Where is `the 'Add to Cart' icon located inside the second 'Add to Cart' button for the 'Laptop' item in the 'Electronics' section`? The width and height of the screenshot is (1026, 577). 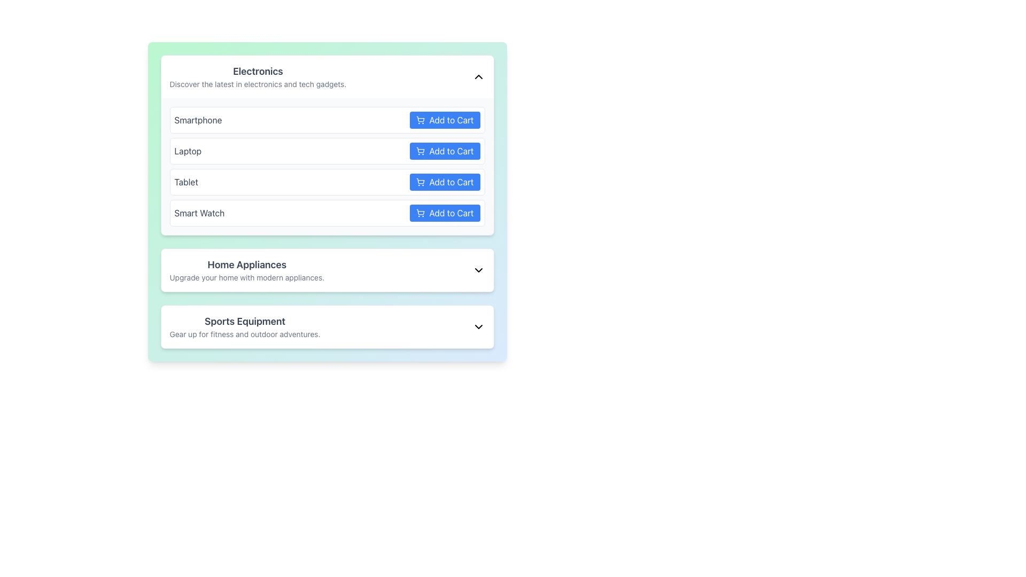 the 'Add to Cart' icon located inside the second 'Add to Cart' button for the 'Laptop' item in the 'Electronics' section is located at coordinates (420, 151).